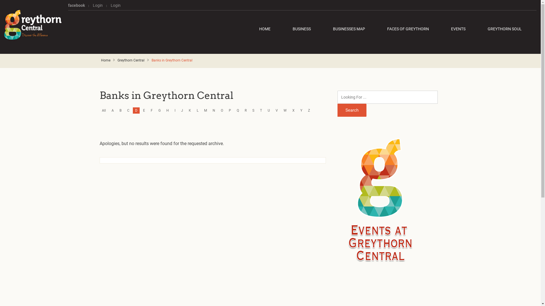 Image resolution: width=545 pixels, height=306 pixels. What do you see at coordinates (120, 110) in the screenshot?
I see `'B'` at bounding box center [120, 110].